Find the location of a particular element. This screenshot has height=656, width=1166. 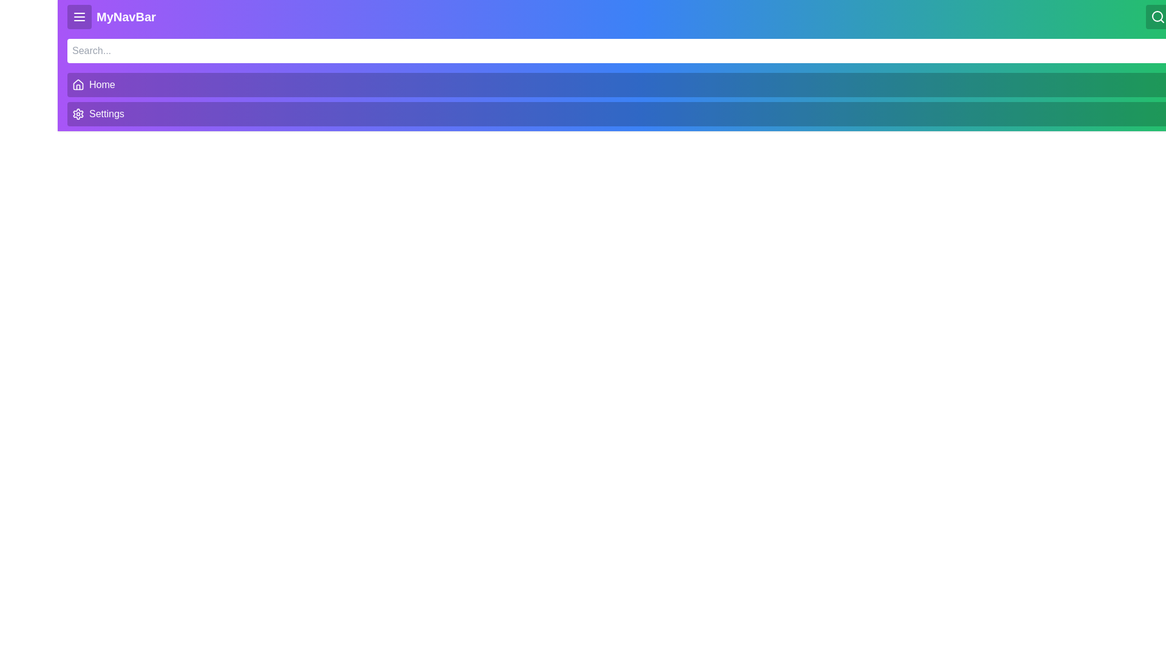

the house icon, which is a bold purple icon located at the top of the 'Home' menu button in the sidebar, adjacent to the 'Settings' button is located at coordinates (78, 83).